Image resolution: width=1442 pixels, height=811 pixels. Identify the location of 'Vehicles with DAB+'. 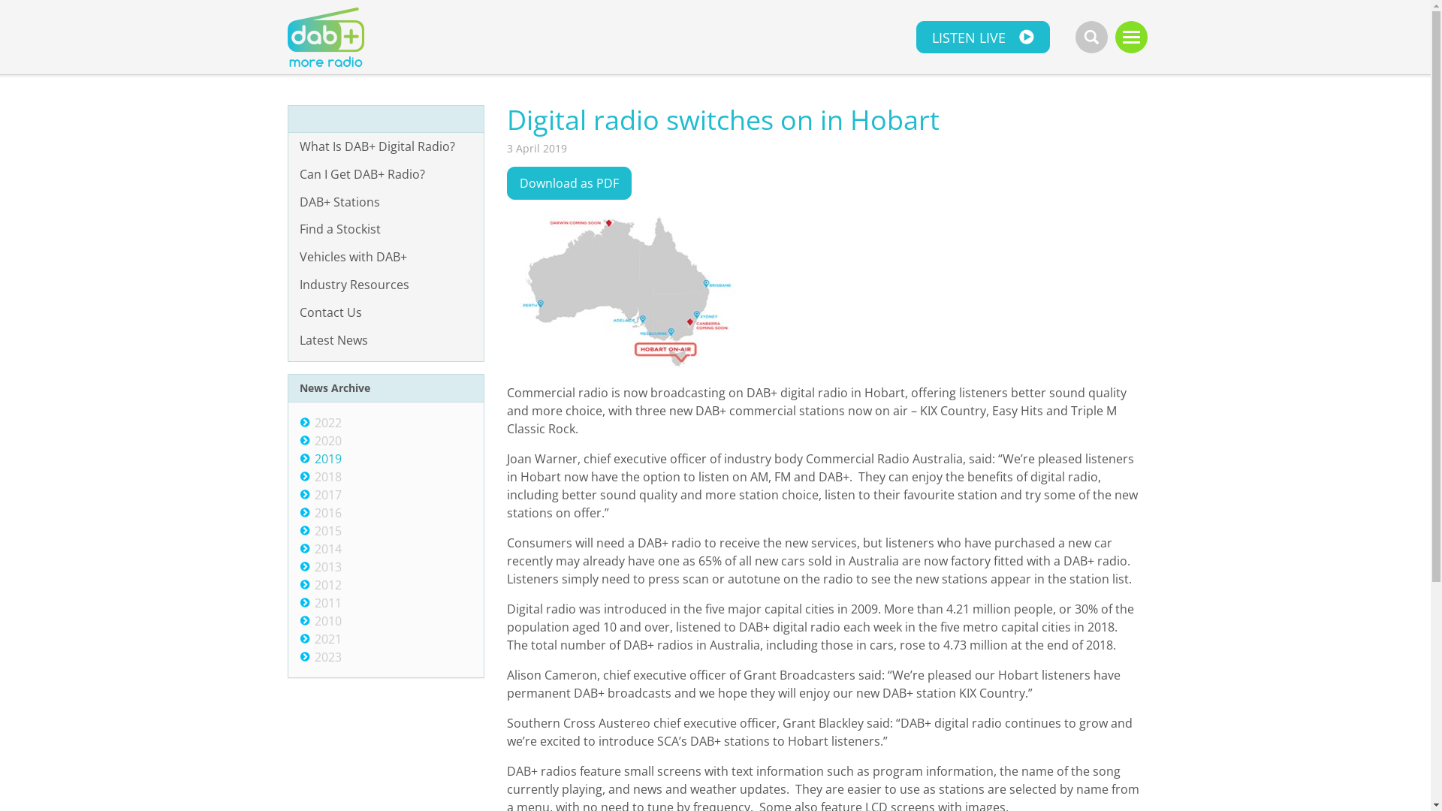
(386, 256).